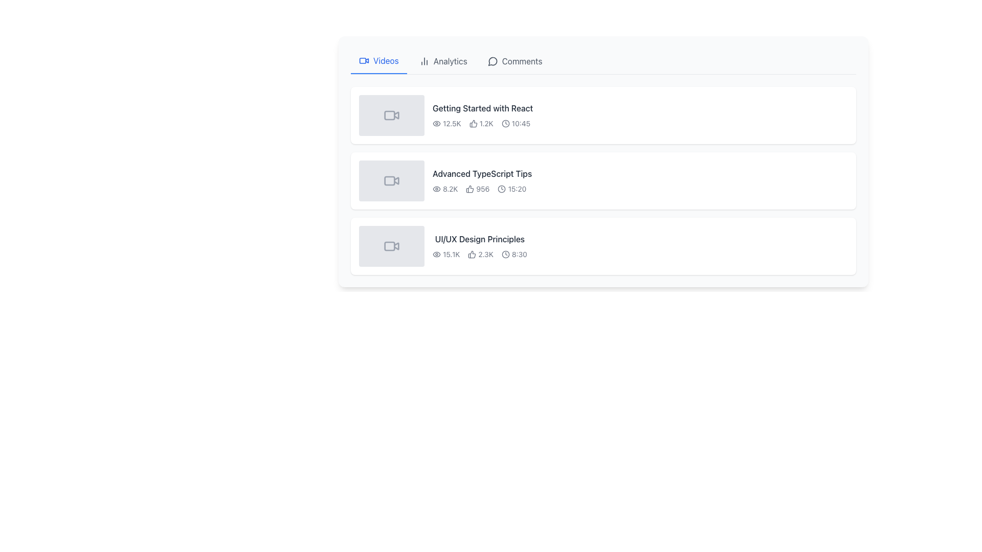  I want to click on the icon representing the video titled 'UI/UX Design Principles', which is located in the left part of the third item from the top in a vertical list of videos, so click(391, 246).